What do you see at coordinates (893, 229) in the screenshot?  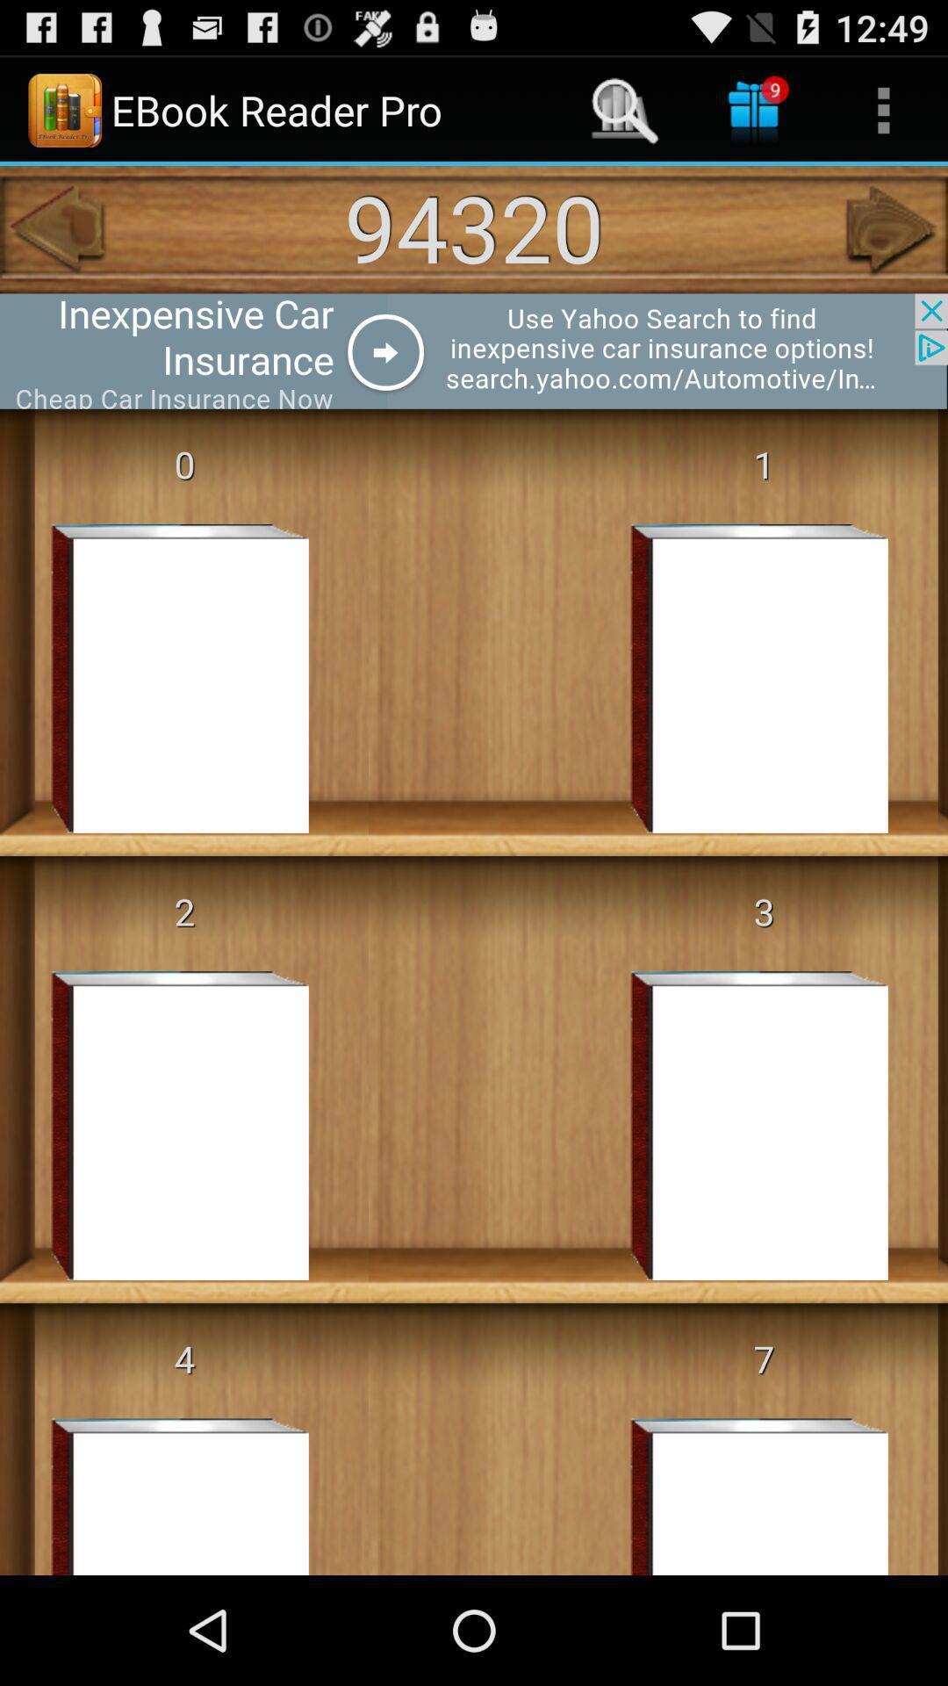 I see `the  first foreword icon which is under the more option` at bounding box center [893, 229].